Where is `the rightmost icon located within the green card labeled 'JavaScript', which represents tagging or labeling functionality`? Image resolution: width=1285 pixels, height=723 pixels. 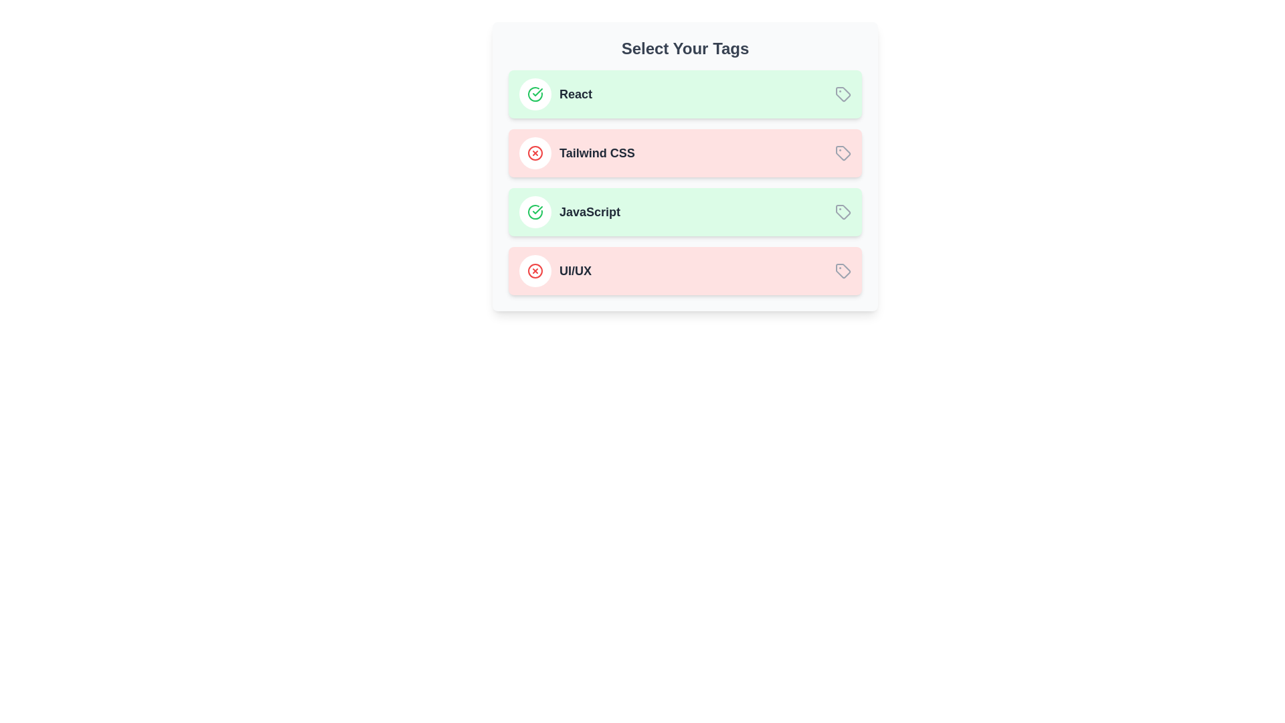 the rightmost icon located within the green card labeled 'JavaScript', which represents tagging or labeling functionality is located at coordinates (842, 211).